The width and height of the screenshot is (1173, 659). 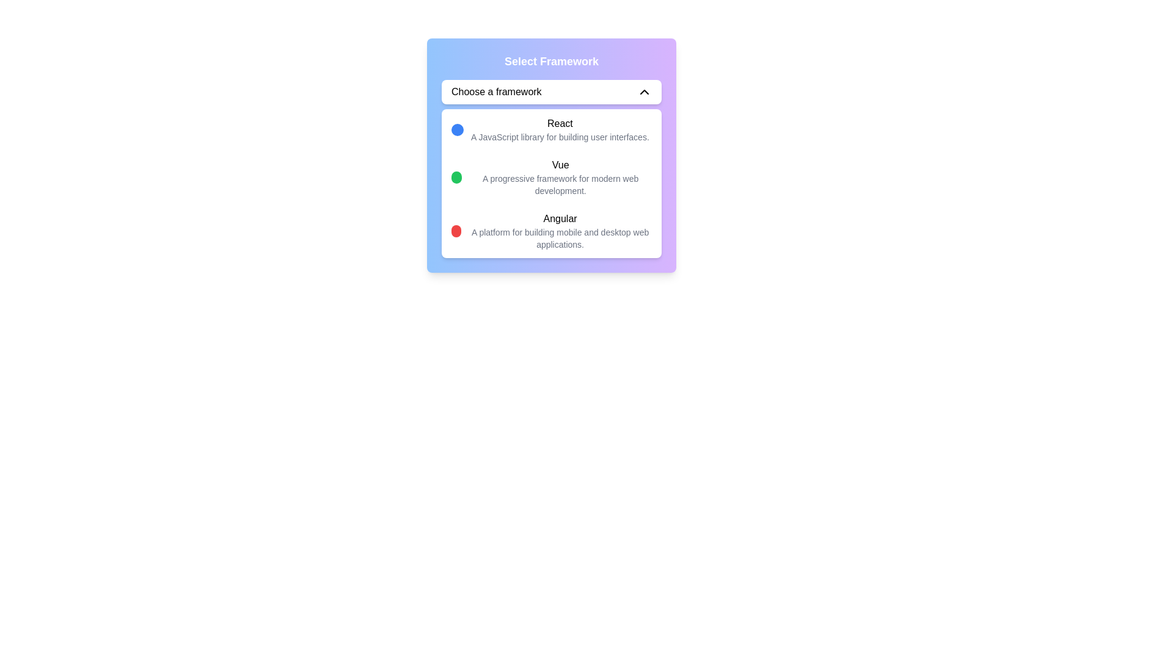 I want to click on to select the 'Angular' option from the dropdown menu, which is the third item listed after 'Vue' and 'React', featuring a circular red bullet point and bold title text 'Angular', so click(x=550, y=231).